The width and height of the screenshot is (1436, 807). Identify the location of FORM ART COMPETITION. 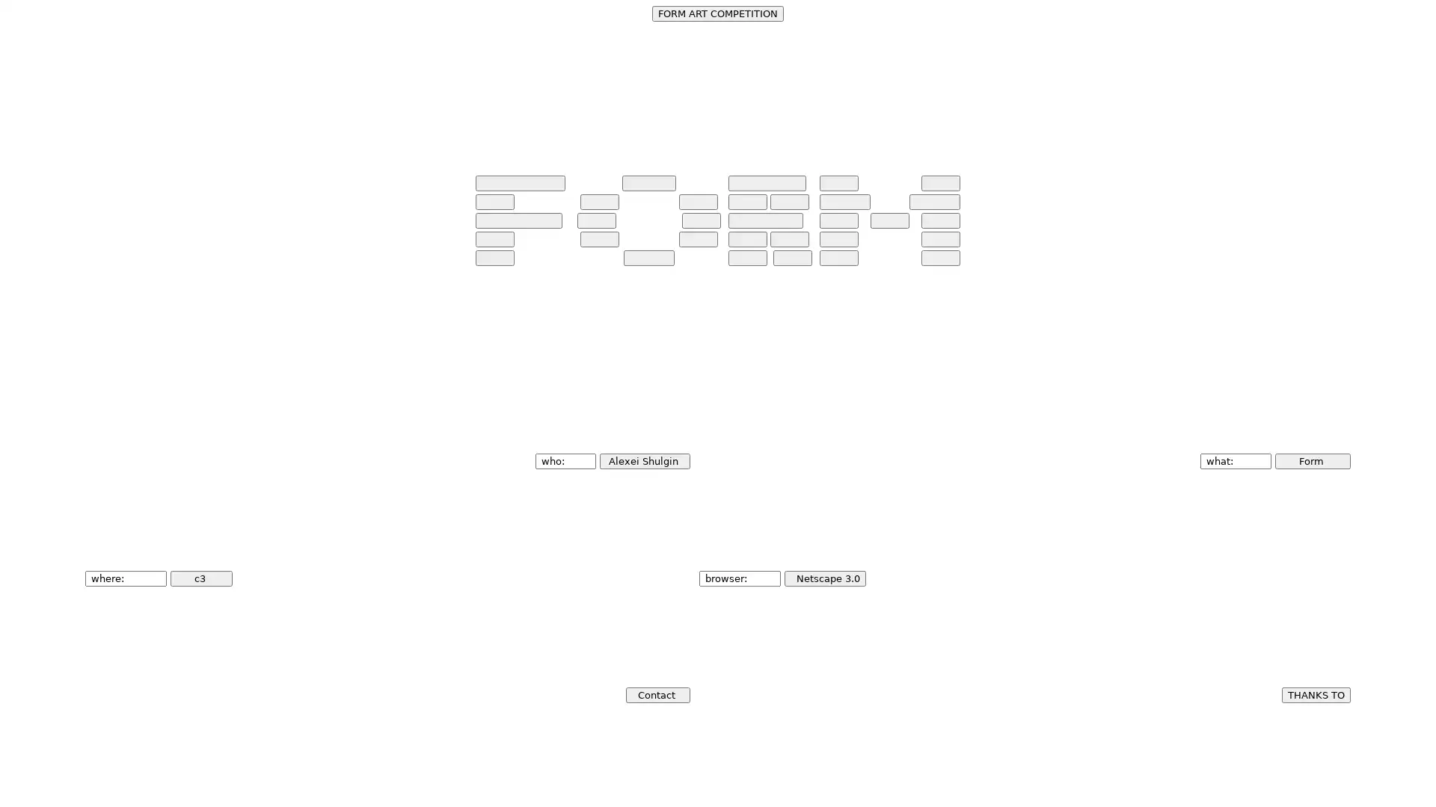
(718, 13).